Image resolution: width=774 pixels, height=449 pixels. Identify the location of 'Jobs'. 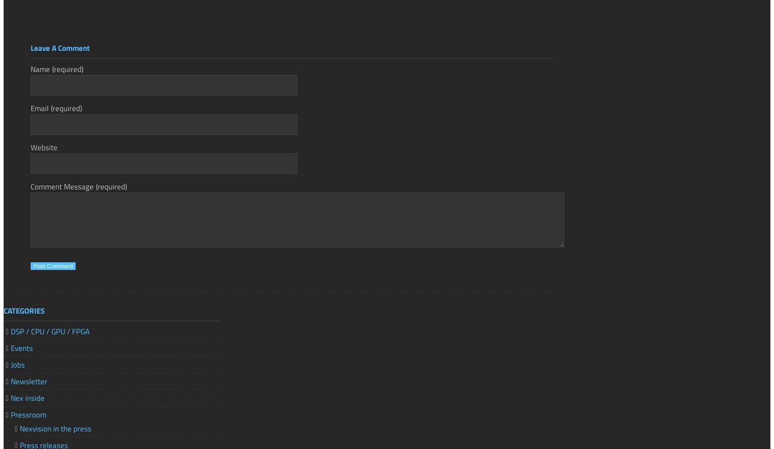
(17, 364).